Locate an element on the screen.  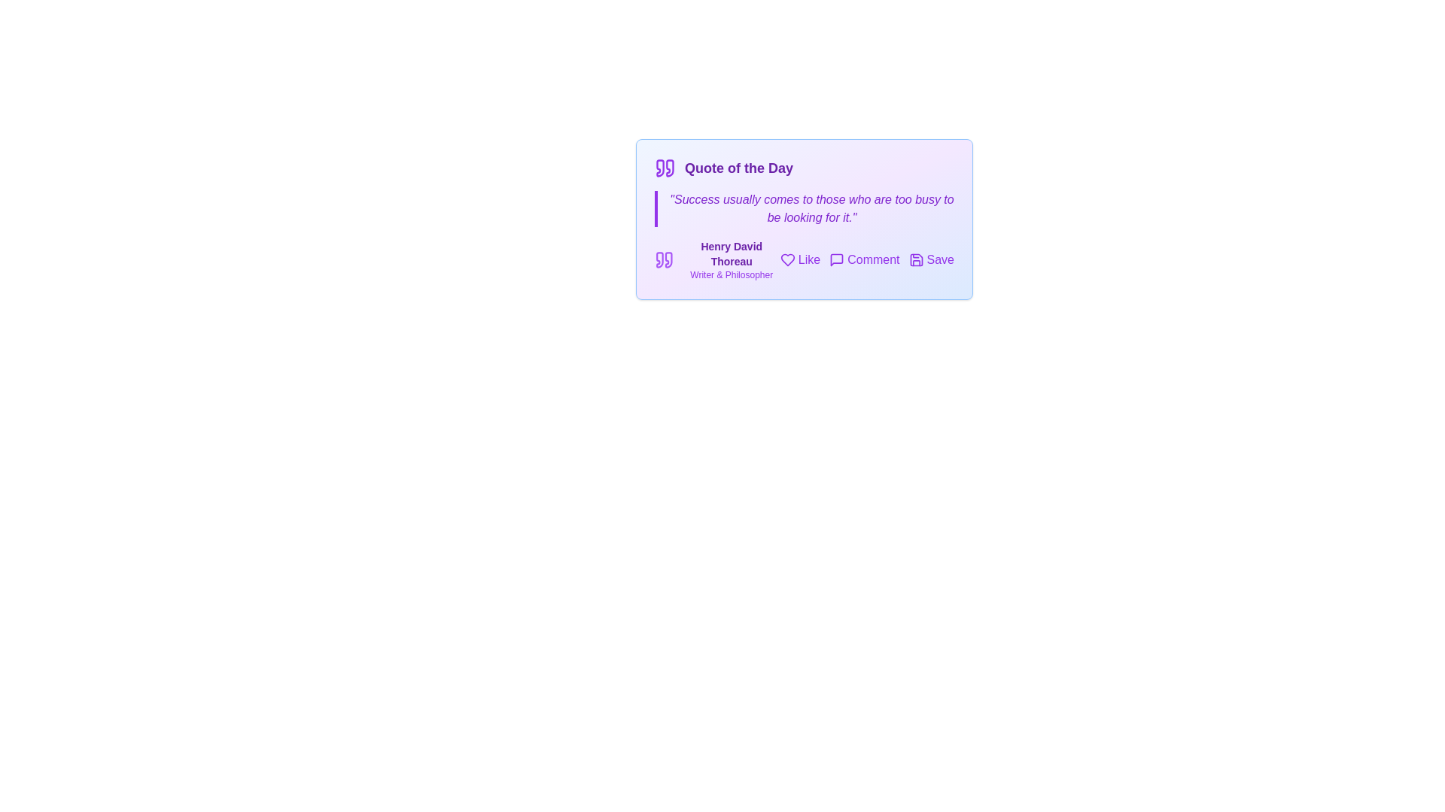
the text block featuring 'Henry David Thoreau' with the quotation icon, which is styled in bold purple and positioned within the 'Quote of the Day' card is located at coordinates (716, 259).